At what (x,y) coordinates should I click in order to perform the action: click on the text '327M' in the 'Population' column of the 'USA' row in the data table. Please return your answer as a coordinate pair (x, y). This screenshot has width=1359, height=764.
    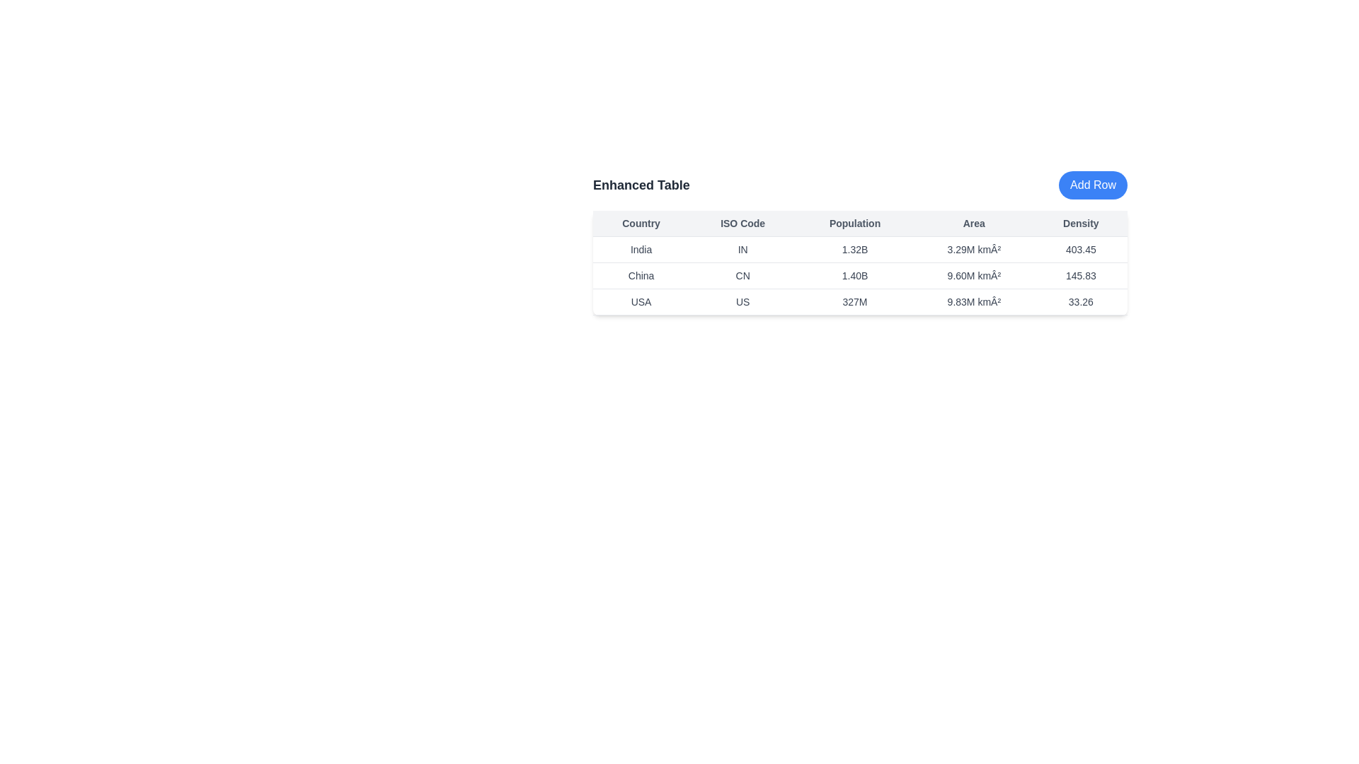
    Looking at the image, I should click on (854, 301).